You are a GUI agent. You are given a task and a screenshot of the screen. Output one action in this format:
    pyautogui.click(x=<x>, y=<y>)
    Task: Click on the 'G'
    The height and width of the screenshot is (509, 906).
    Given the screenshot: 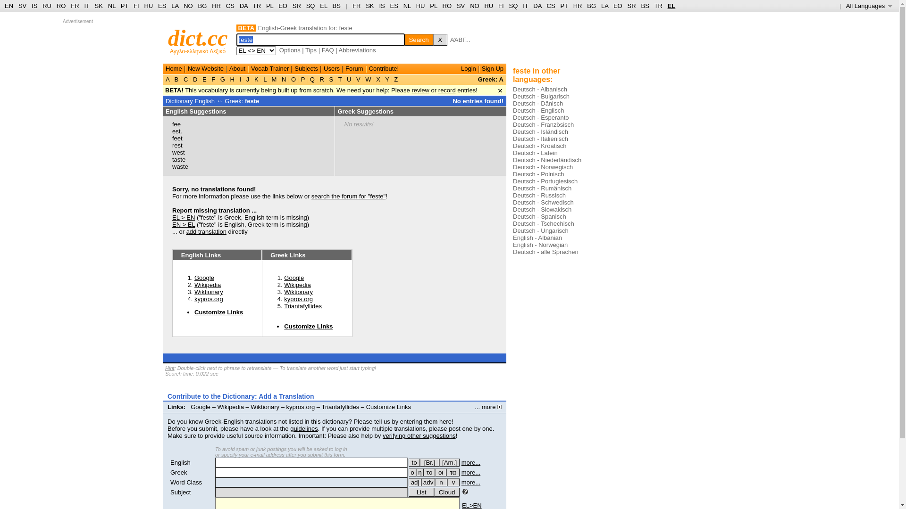 What is the action you would take?
    pyautogui.click(x=218, y=79)
    